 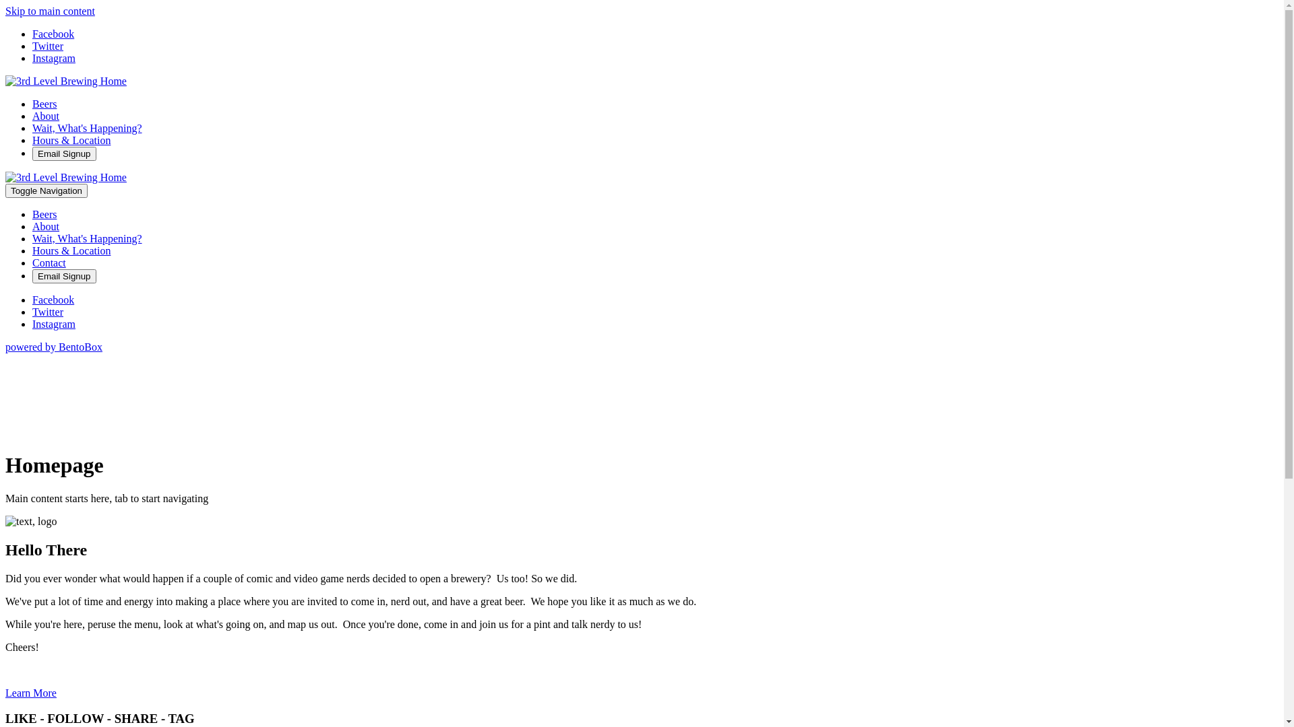 I want to click on 'Instagram', so click(x=54, y=57).